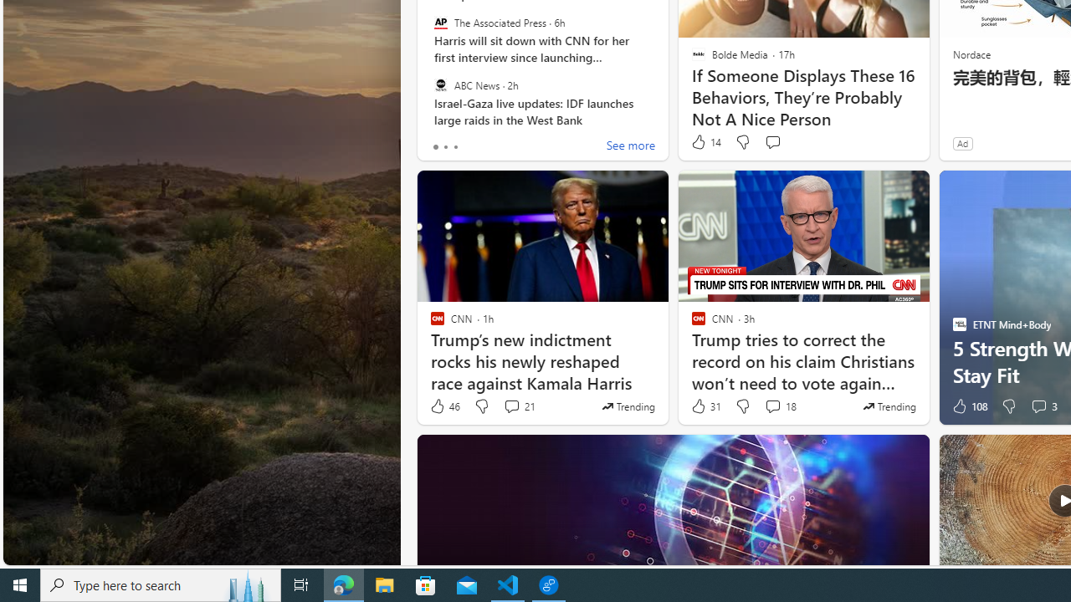 The width and height of the screenshot is (1071, 602). Describe the element at coordinates (705, 141) in the screenshot. I see `'14 Like'` at that location.